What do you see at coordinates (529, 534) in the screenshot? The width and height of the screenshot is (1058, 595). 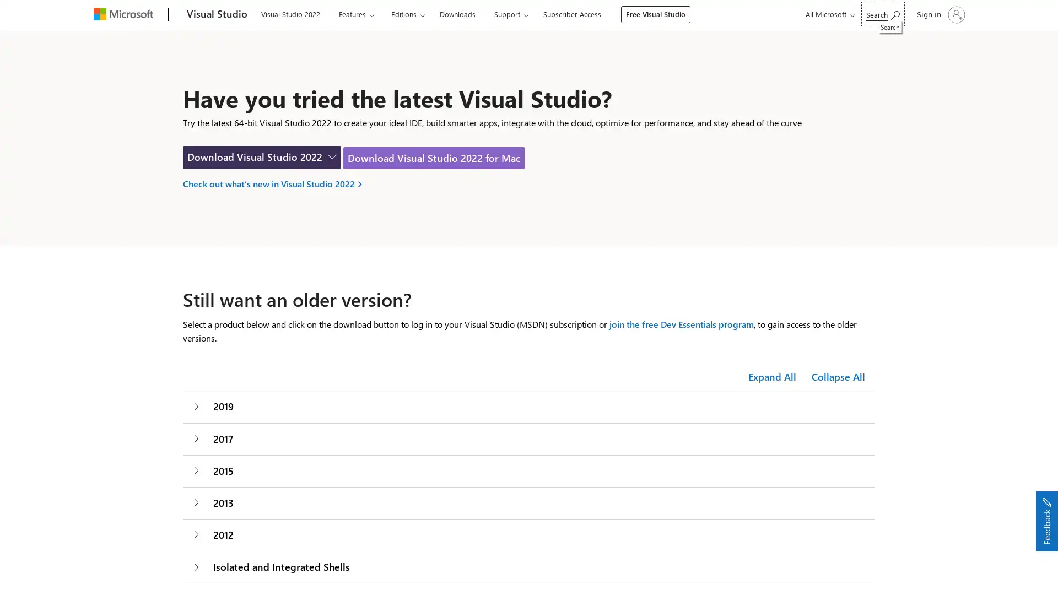 I see `2012` at bounding box center [529, 534].